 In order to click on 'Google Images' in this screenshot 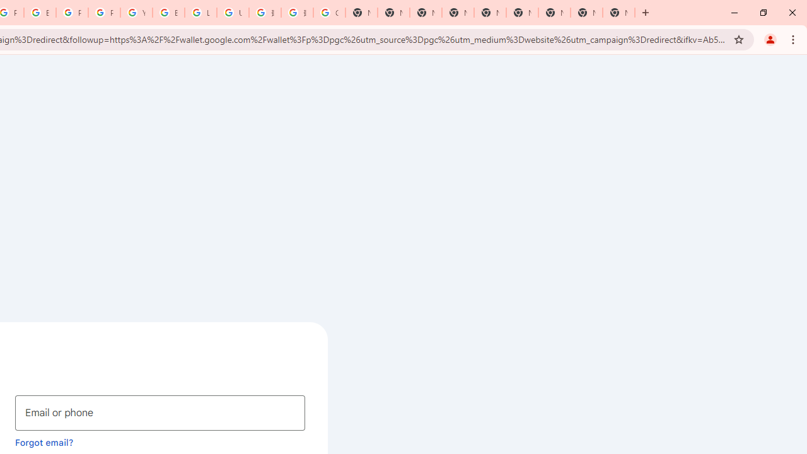, I will do `click(329, 13)`.